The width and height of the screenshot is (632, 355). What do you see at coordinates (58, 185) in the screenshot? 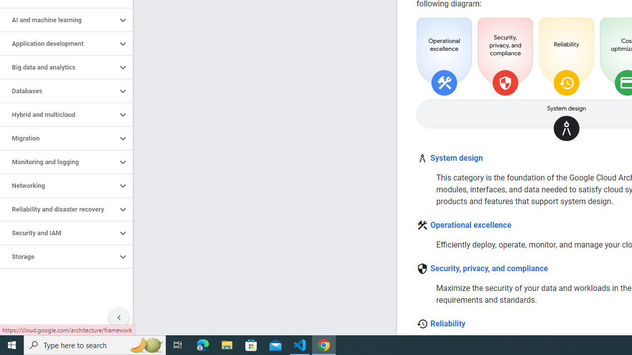
I see `'Networking'` at bounding box center [58, 185].